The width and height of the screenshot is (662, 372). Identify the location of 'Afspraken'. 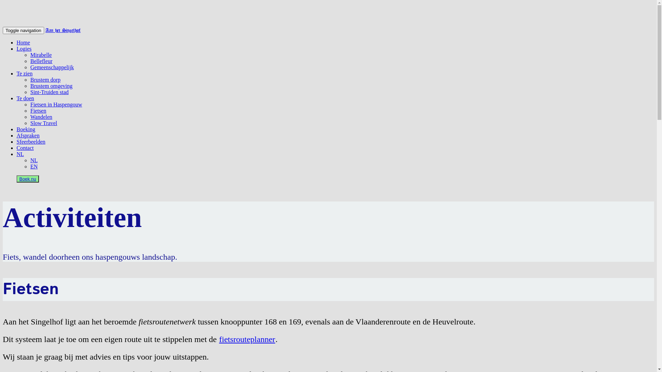
(28, 135).